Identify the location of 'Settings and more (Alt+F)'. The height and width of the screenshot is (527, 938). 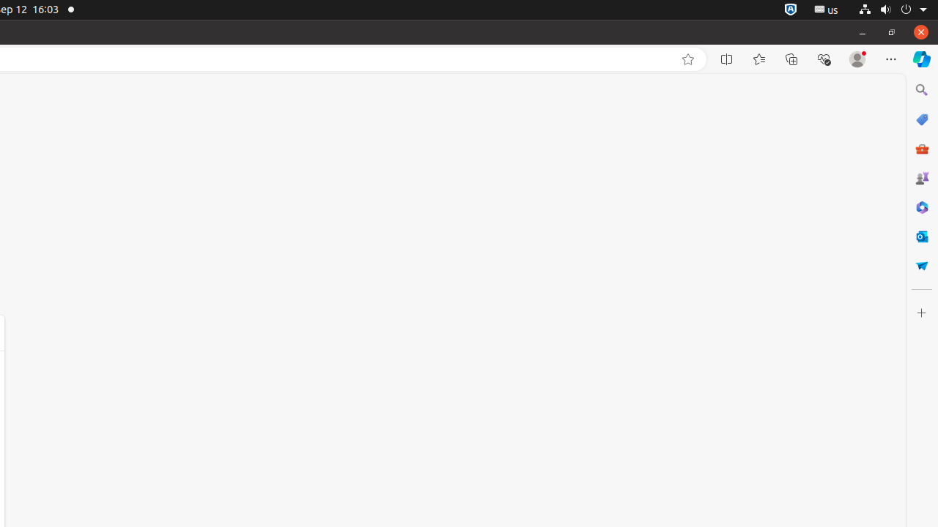
(890, 59).